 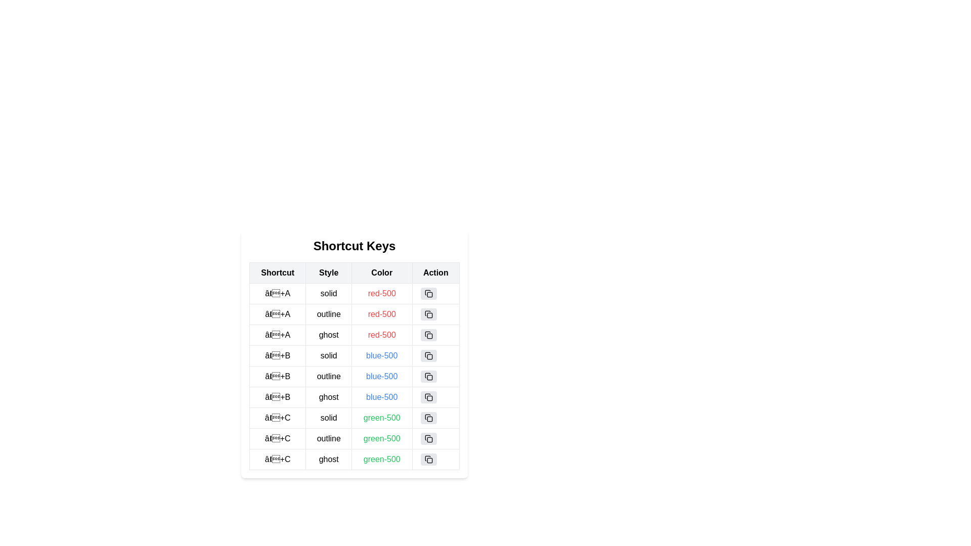 I want to click on the label indicating the style 'ghost' for the shortcut '⌘+A' in the 'Shortcut Keys' section of the table, which is colored 'red-500', so click(x=329, y=335).